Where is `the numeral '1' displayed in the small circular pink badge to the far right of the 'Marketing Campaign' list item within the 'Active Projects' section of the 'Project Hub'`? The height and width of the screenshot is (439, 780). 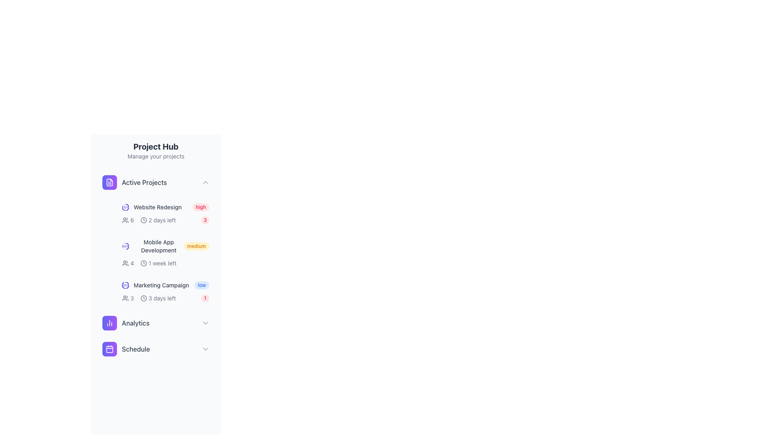
the numeral '1' displayed in the small circular pink badge to the far right of the 'Marketing Campaign' list item within the 'Active Projects' section of the 'Project Hub' is located at coordinates (205, 298).